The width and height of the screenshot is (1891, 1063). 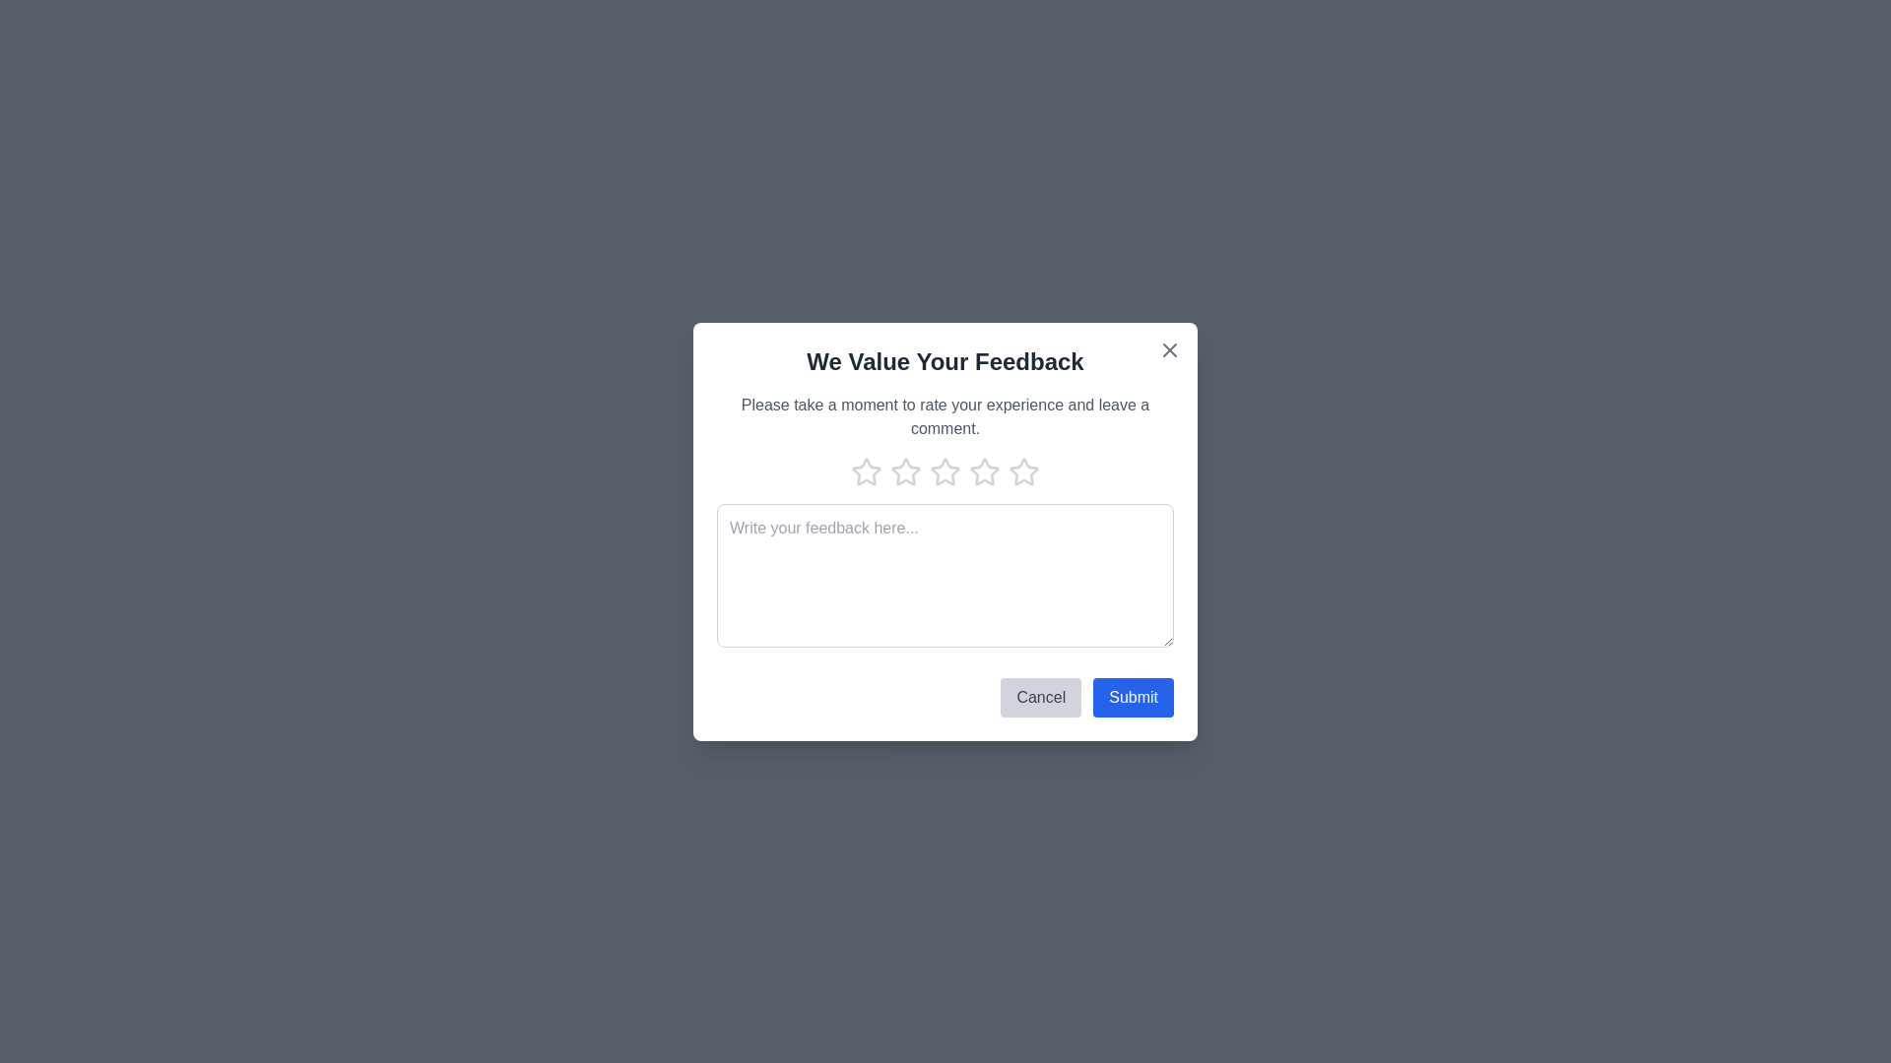 I want to click on the third hollow star icon from the left in the rating interface, so click(x=984, y=470).